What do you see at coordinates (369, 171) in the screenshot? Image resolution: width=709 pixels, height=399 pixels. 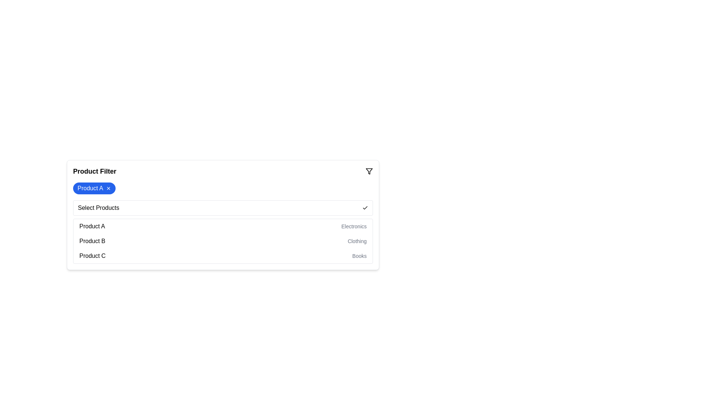 I see `the triangular funnel icon button located in the top-right corner of the 'Product Filter' section` at bounding box center [369, 171].